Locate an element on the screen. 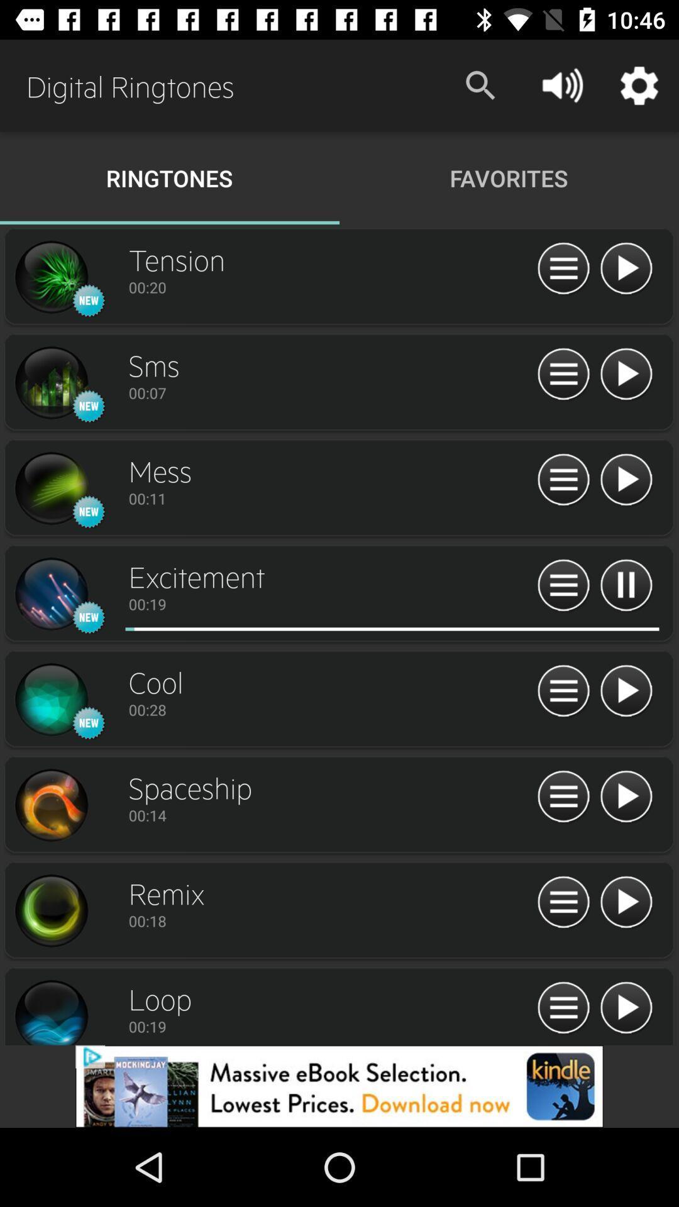 This screenshot has width=679, height=1207. ringtone is located at coordinates (50, 911).